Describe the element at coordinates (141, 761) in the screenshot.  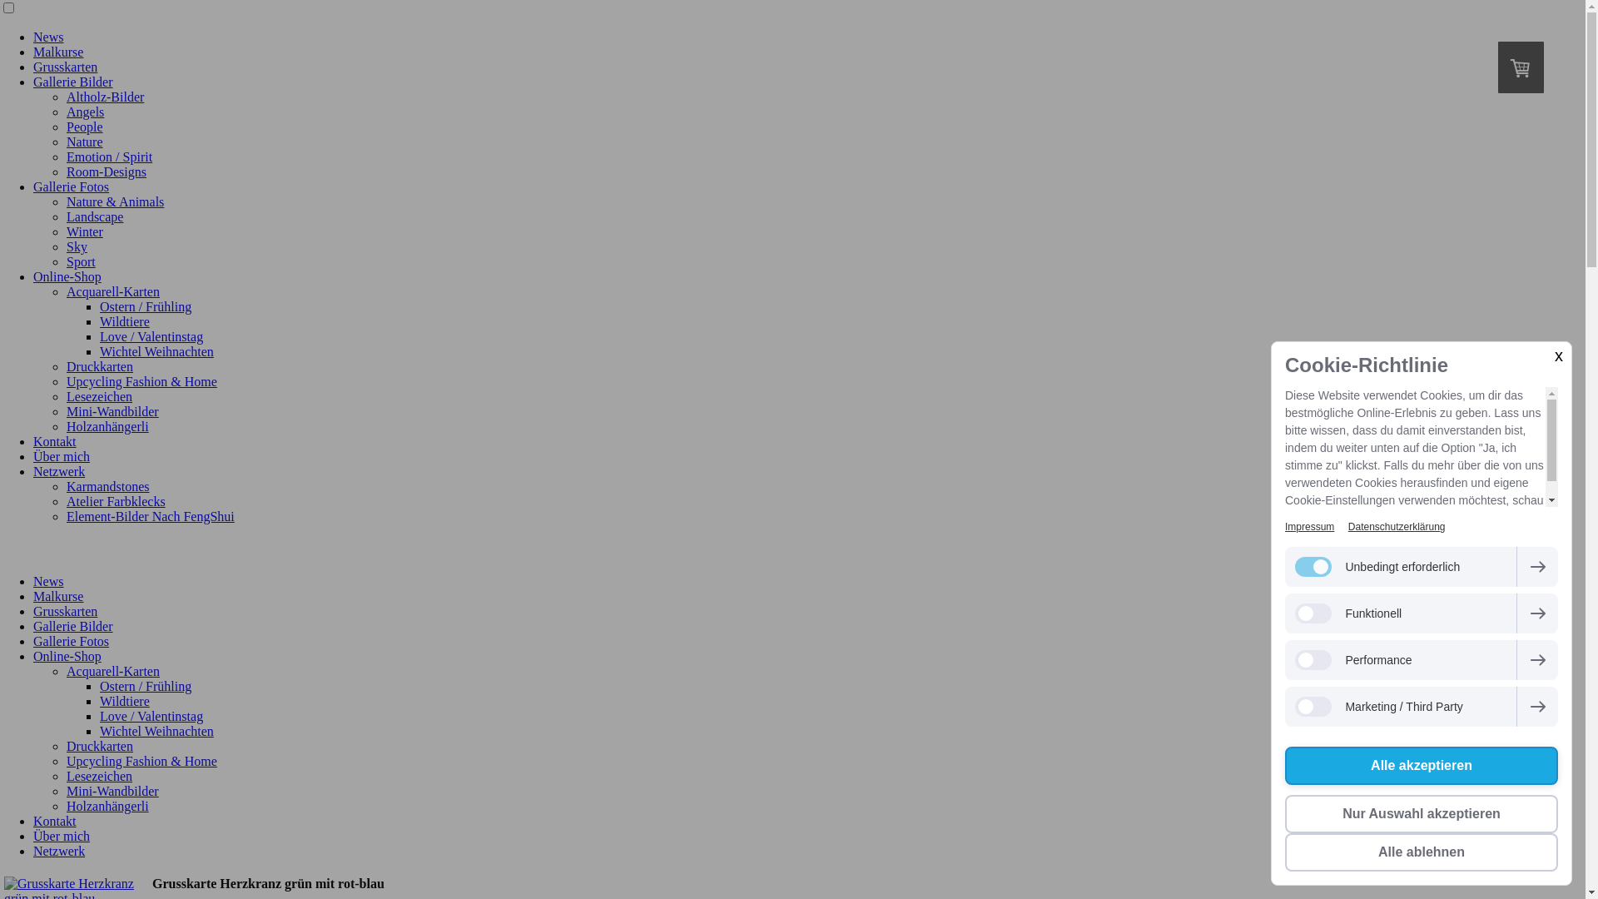
I see `'Upcycling Fashion & Home'` at that location.